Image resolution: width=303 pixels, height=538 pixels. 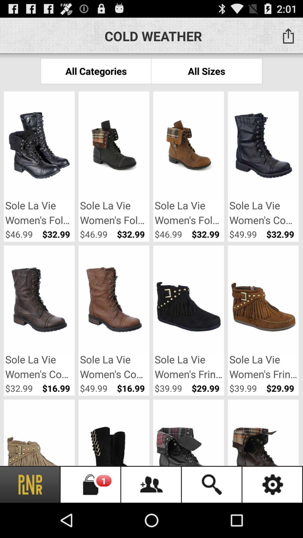 I want to click on all sizes icon, so click(x=206, y=71).